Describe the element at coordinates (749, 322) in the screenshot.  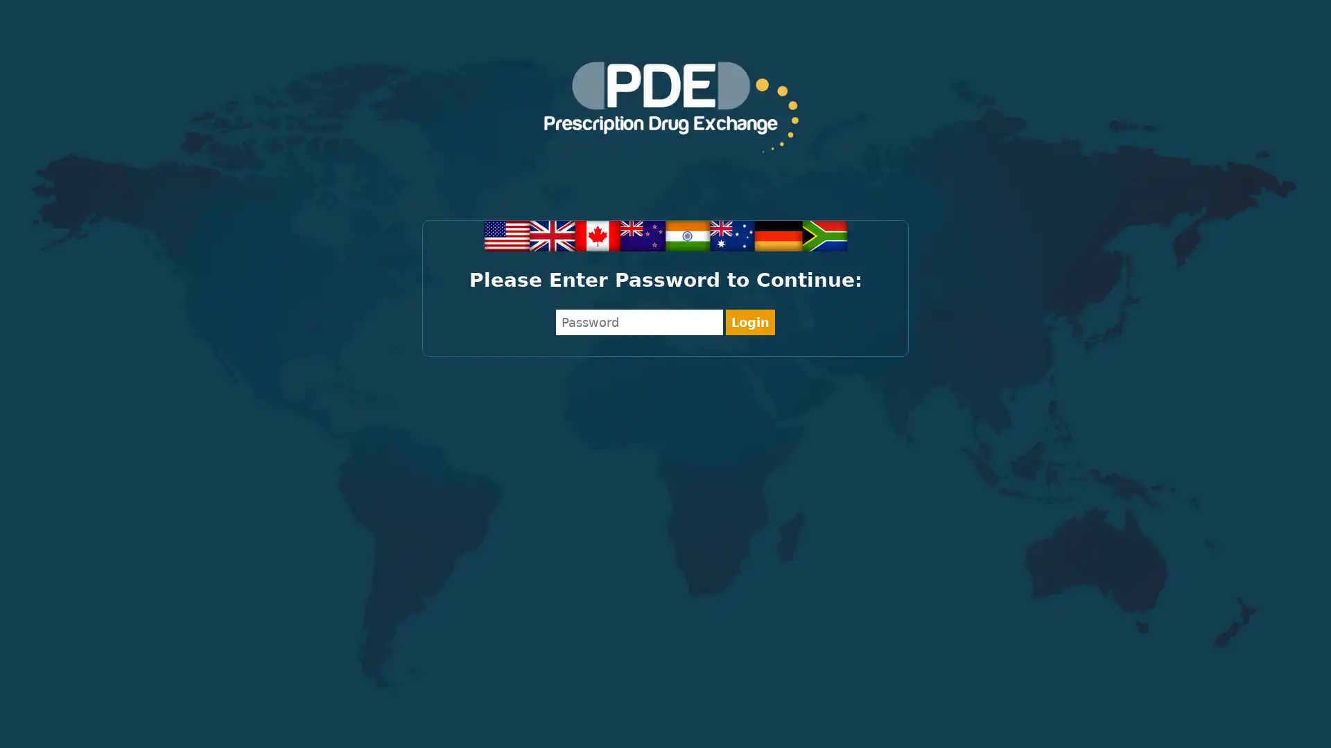
I see `Login` at that location.